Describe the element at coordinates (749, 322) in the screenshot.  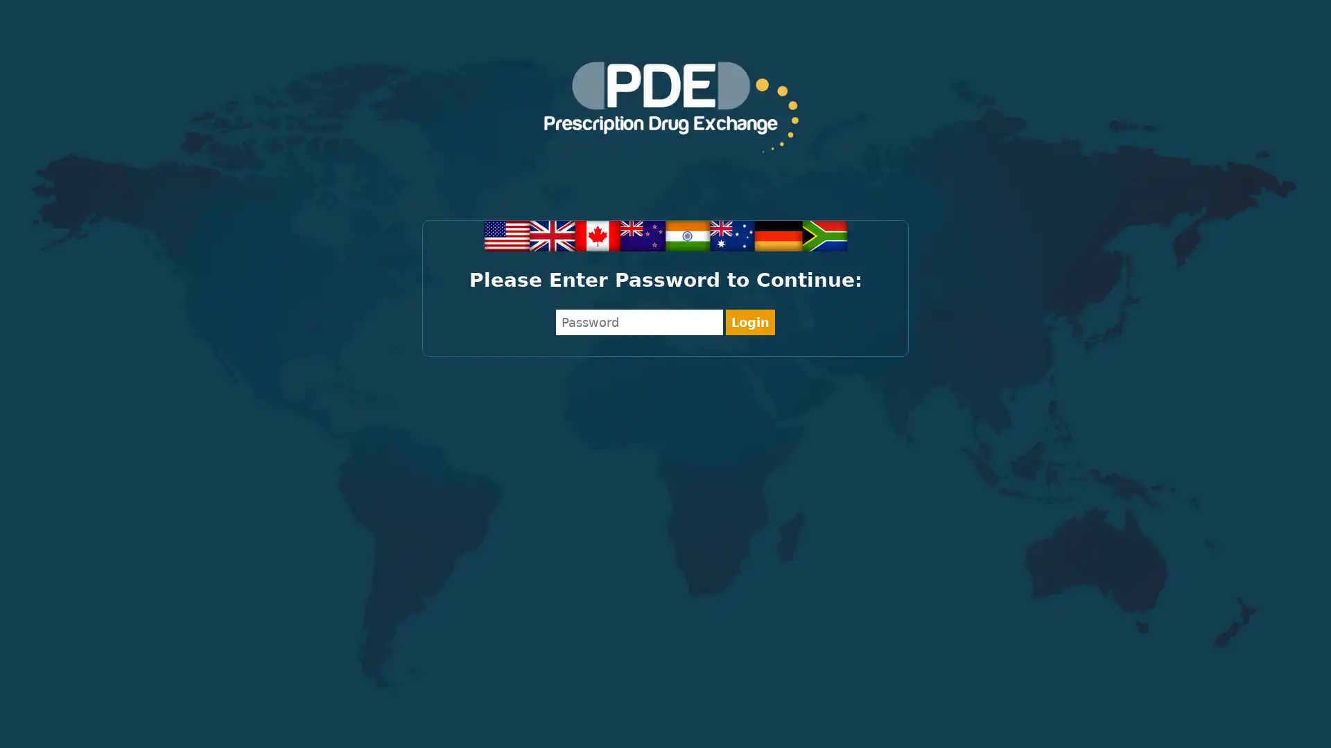
I see `Login` at that location.